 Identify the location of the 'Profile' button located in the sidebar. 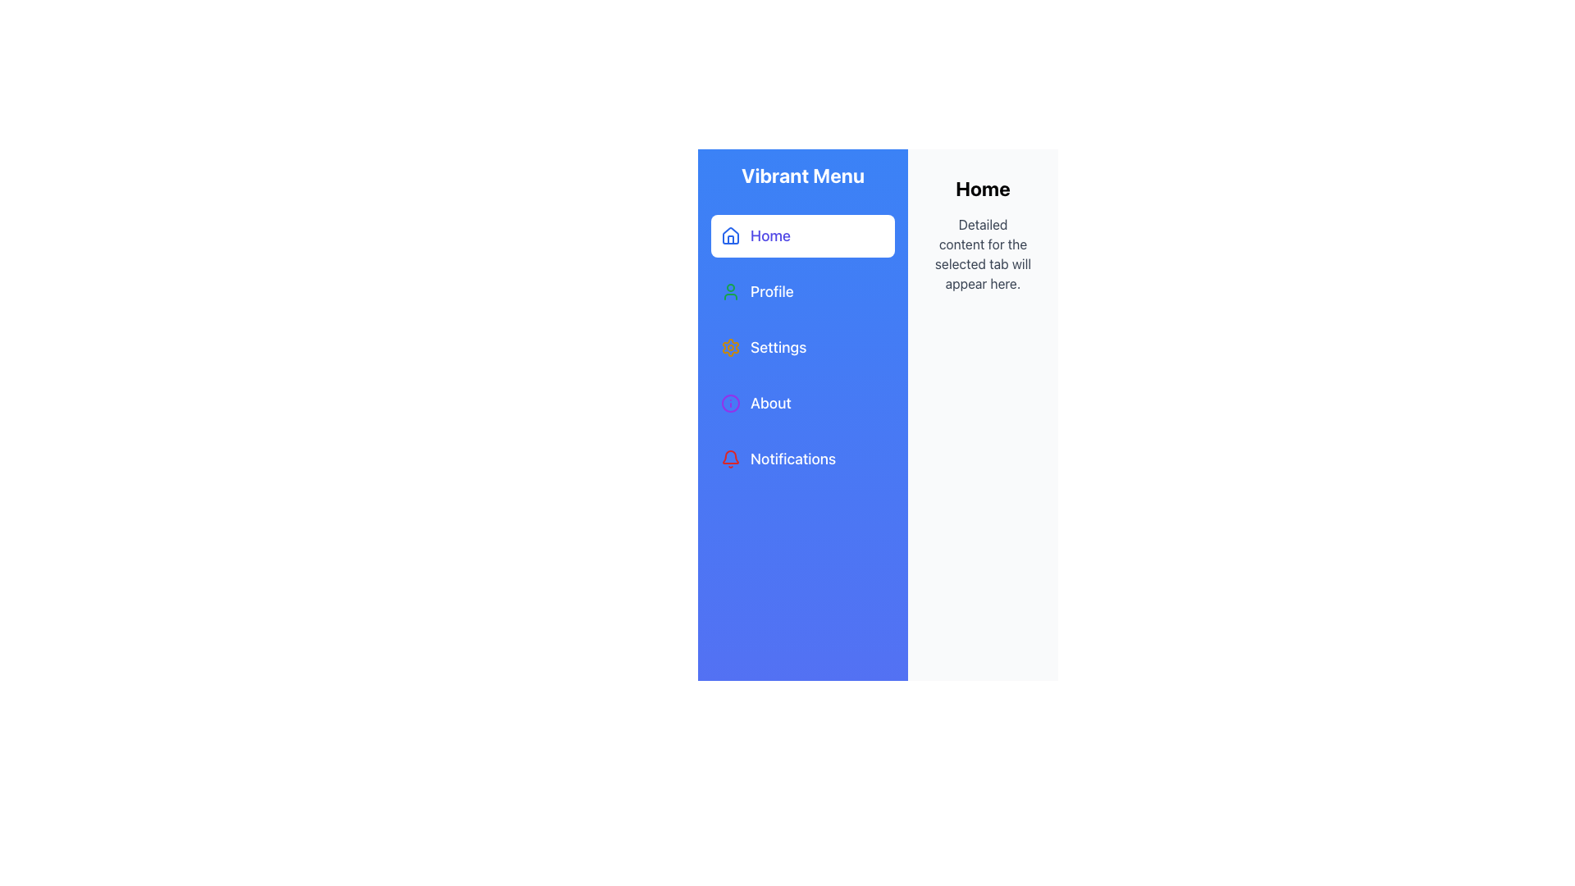
(803, 290).